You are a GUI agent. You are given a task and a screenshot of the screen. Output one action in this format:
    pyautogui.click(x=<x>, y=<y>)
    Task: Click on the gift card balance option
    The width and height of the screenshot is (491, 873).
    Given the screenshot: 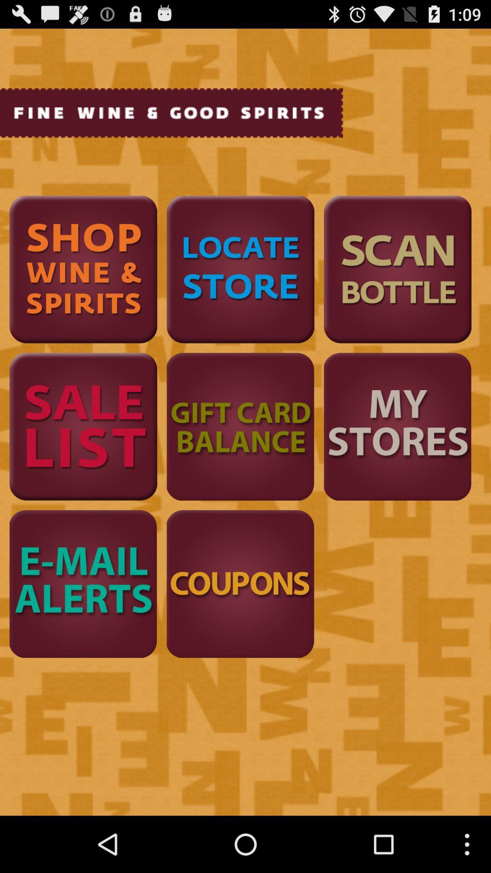 What is the action you would take?
    pyautogui.click(x=240, y=426)
    